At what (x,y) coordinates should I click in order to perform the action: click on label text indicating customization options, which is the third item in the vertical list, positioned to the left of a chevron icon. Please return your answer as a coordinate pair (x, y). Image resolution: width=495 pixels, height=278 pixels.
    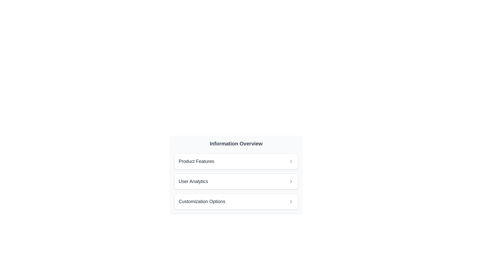
    Looking at the image, I should click on (202, 201).